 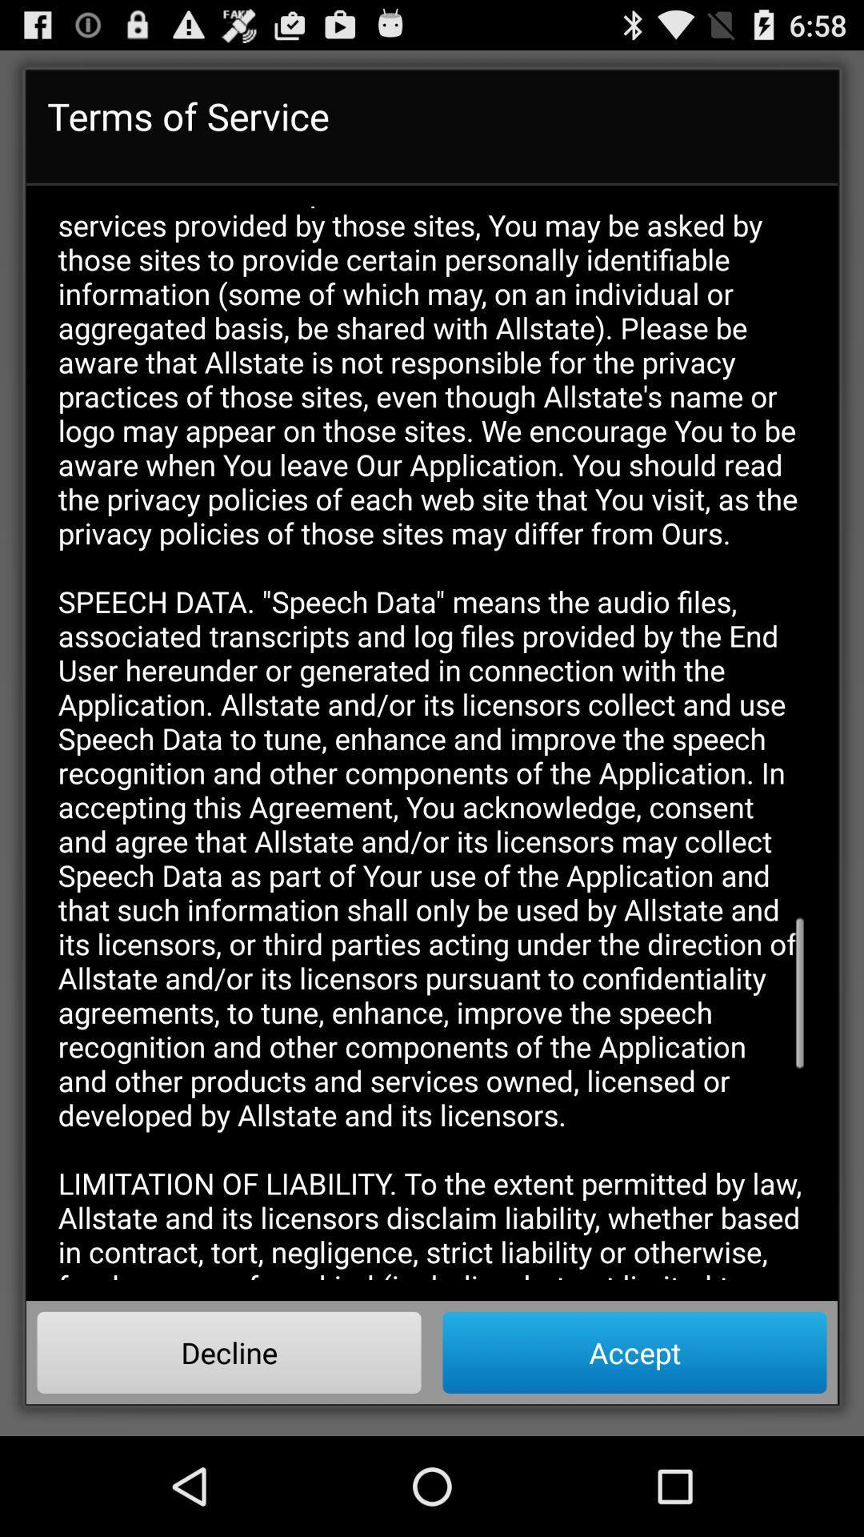 What do you see at coordinates (229, 1351) in the screenshot?
I see `icon next to the accept button` at bounding box center [229, 1351].